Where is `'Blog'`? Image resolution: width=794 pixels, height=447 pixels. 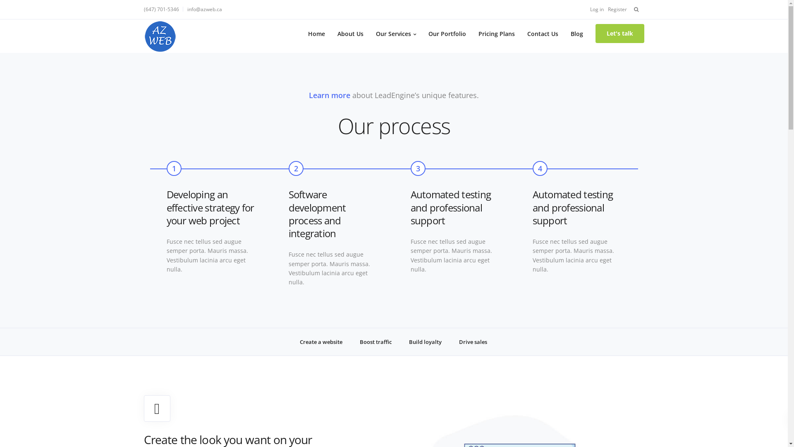 'Blog' is located at coordinates (576, 33).